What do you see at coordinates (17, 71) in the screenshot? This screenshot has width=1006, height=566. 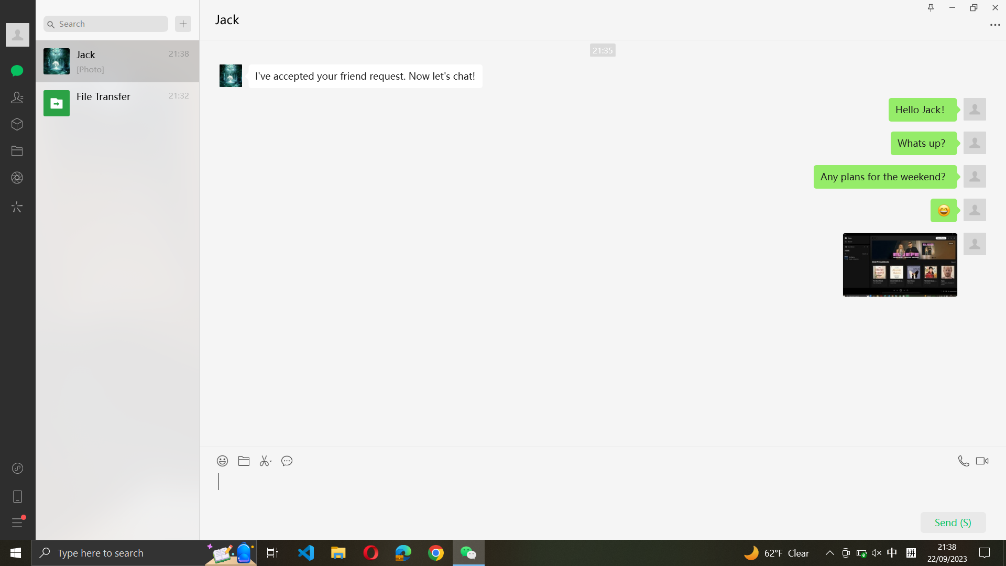 I see `the third chat in the chats tab` at bounding box center [17, 71].